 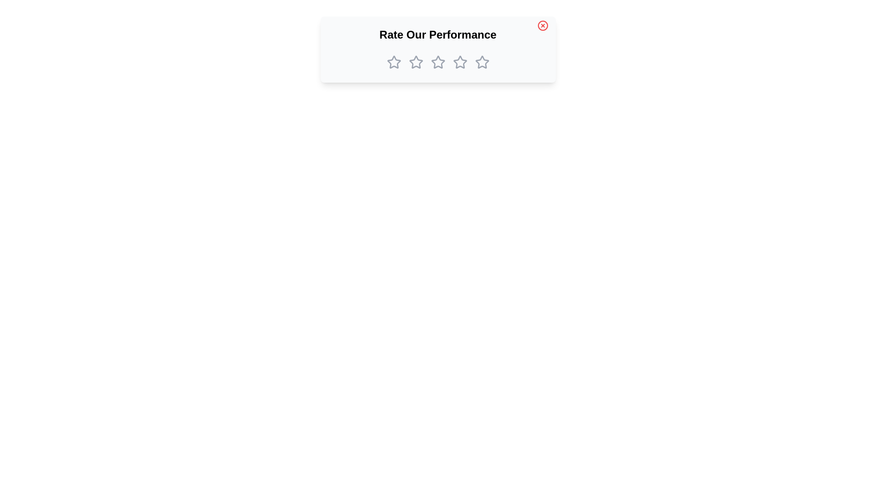 What do you see at coordinates (460, 62) in the screenshot?
I see `the star corresponding to the desired rating 4` at bounding box center [460, 62].